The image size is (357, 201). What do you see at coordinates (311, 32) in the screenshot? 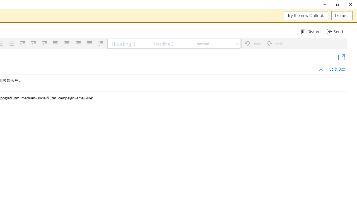
I see `'Discard'` at bounding box center [311, 32].